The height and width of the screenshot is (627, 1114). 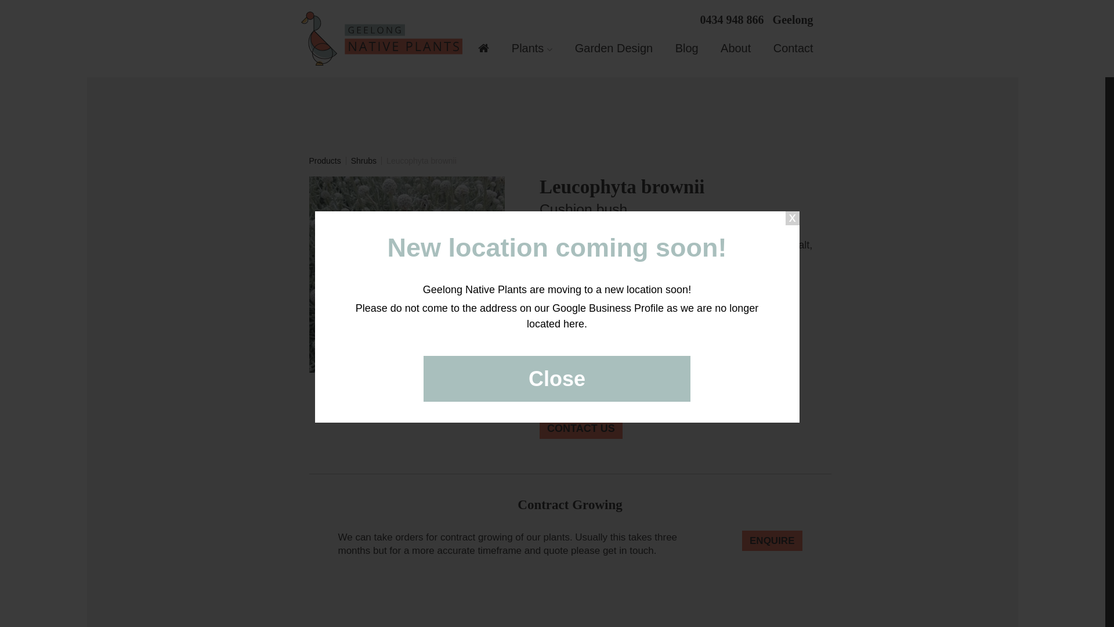 I want to click on 'Plants', so click(x=531, y=48).